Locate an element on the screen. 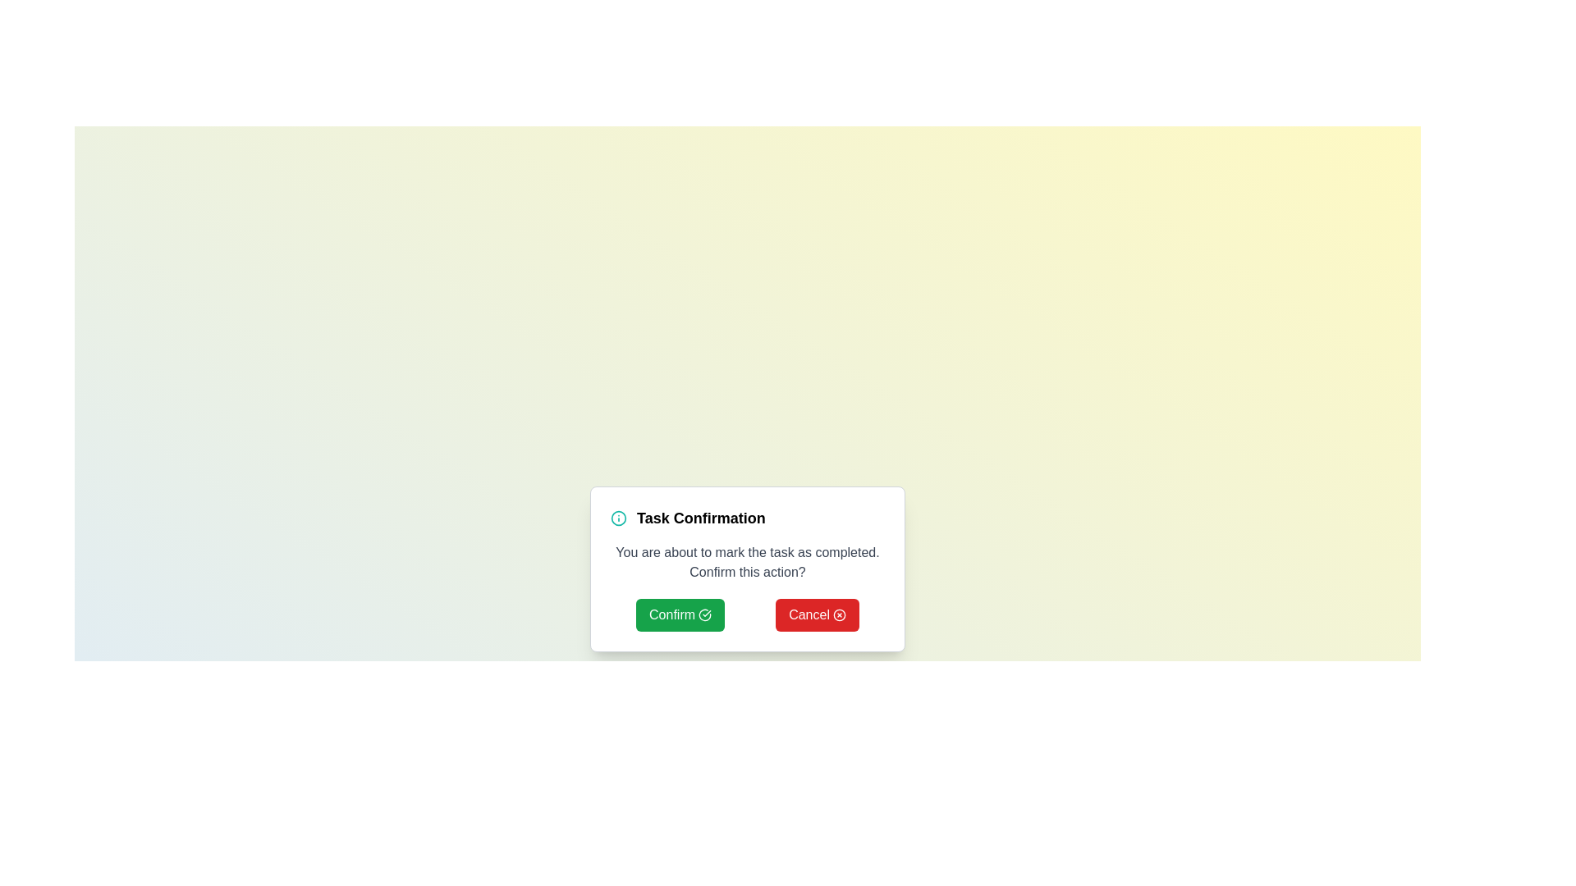  the green 'Confirm' button with white text located at the bottom-left corner of the dialog box to confirm the action is located at coordinates (680, 614).